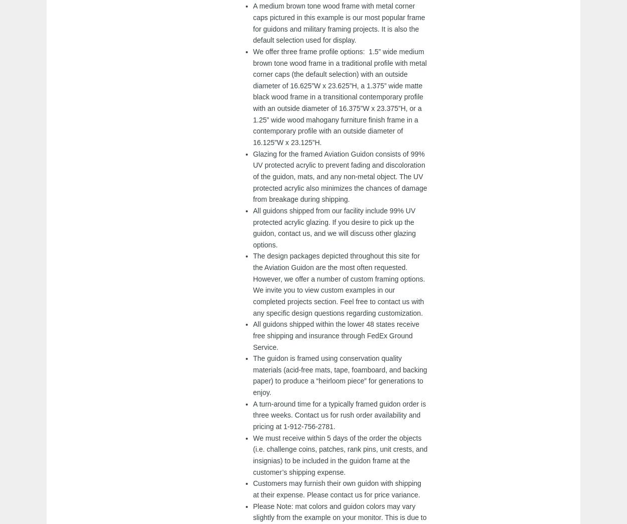  What do you see at coordinates (339, 23) in the screenshot?
I see `'A medium brown tone wood frame with metal corner caps pictured in this example is our most popular frame for guidons and military framing projects. It is also the default selection used for display.'` at bounding box center [339, 23].